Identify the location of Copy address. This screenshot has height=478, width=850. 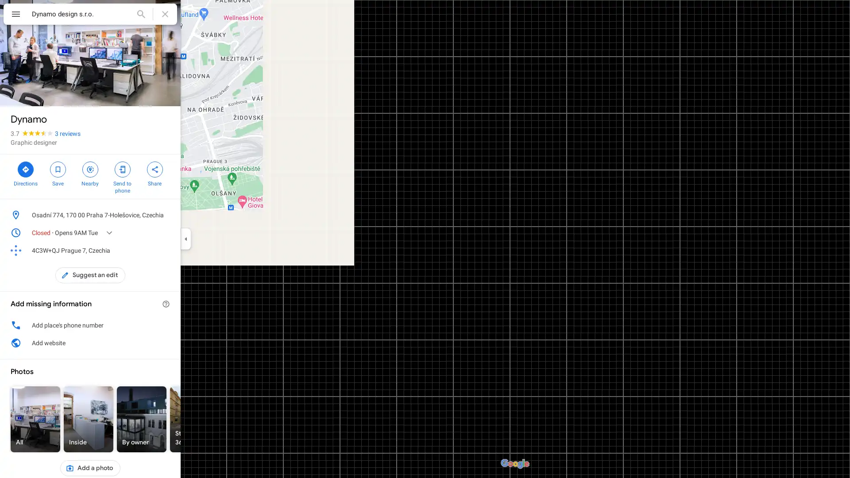
(166, 215).